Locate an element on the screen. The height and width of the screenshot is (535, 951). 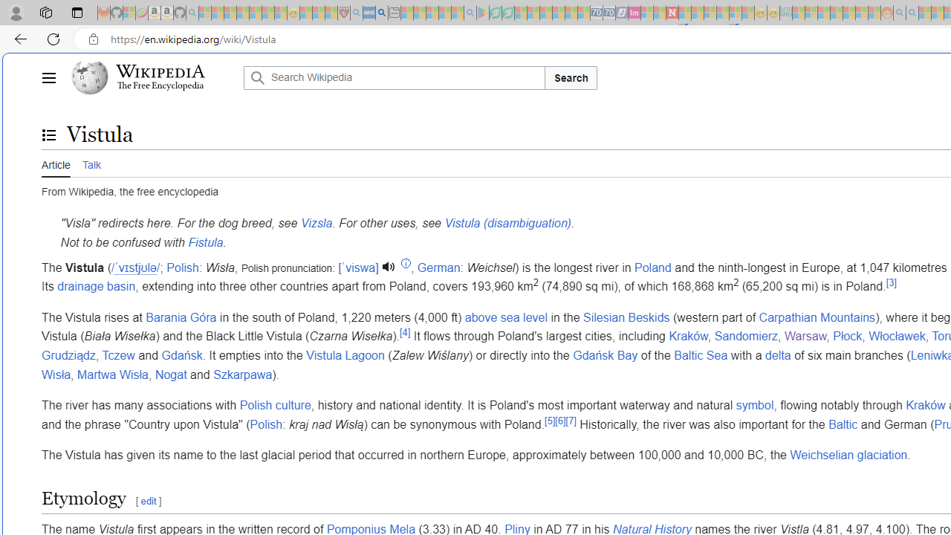
'Local - MSN - Sleeping' is located at coordinates (331, 13).